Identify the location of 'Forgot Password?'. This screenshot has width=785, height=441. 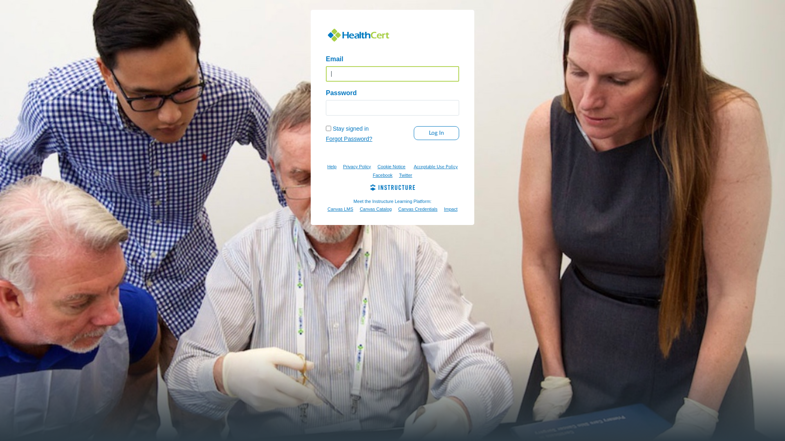
(349, 138).